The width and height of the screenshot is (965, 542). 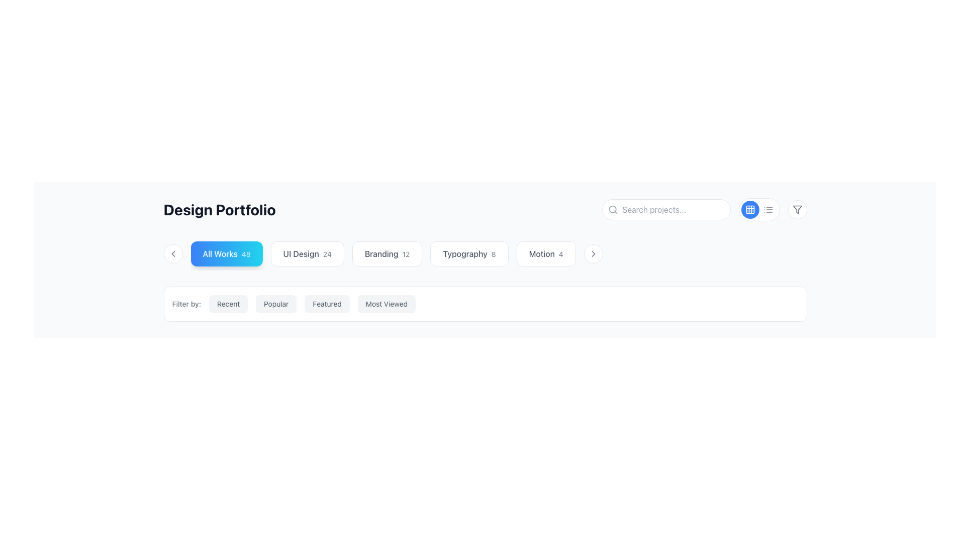 I want to click on the 'Typography' filter button, which is the fourth button in a horizontal sequence, positioned between 'Branding 12' and 'Motion 4', to observe any hover effects or tooltips, so click(x=468, y=253).